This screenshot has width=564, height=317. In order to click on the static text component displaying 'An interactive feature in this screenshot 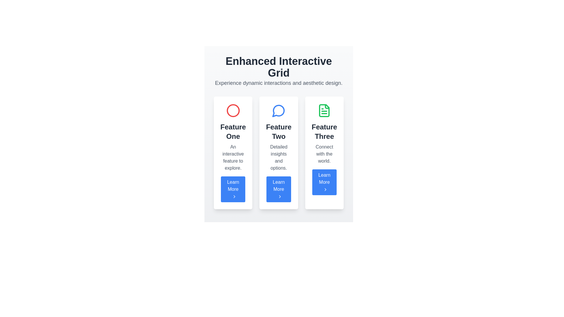, I will do `click(233, 157)`.